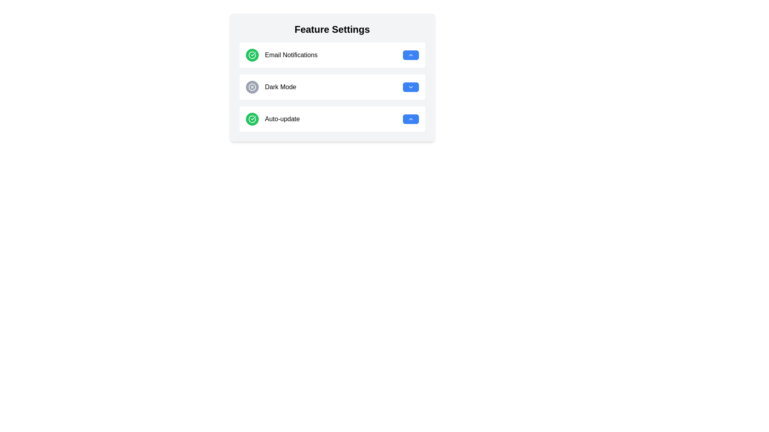 This screenshot has width=769, height=432. I want to click on text label displaying 'Email Notifications', which is part of the Feature Settings section and is the first entry in the vertical list of settings options, so click(291, 55).